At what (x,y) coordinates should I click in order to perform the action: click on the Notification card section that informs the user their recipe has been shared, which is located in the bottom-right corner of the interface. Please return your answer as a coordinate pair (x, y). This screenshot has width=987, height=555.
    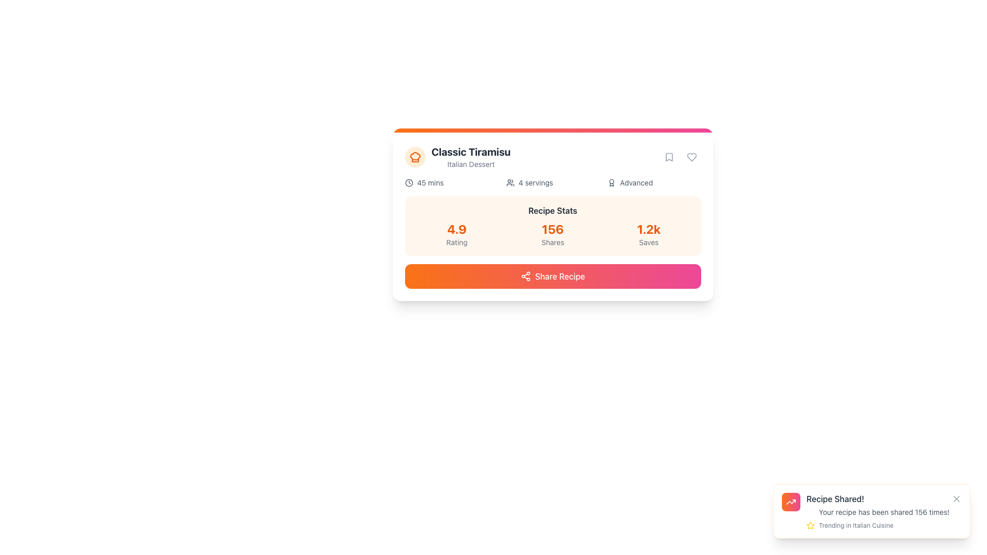
    Looking at the image, I should click on (883, 511).